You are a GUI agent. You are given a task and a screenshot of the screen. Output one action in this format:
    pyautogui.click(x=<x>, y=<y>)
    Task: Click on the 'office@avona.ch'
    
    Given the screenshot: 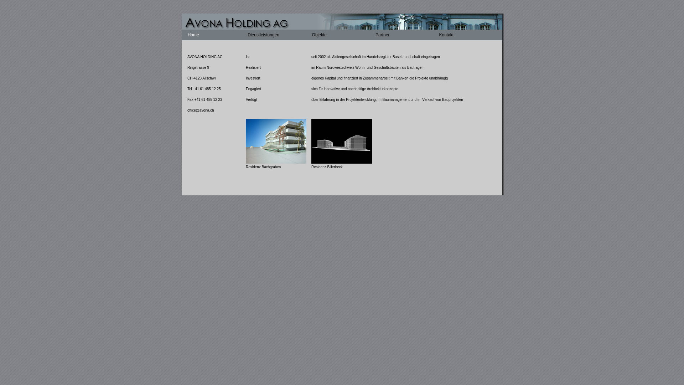 What is the action you would take?
    pyautogui.click(x=187, y=110)
    